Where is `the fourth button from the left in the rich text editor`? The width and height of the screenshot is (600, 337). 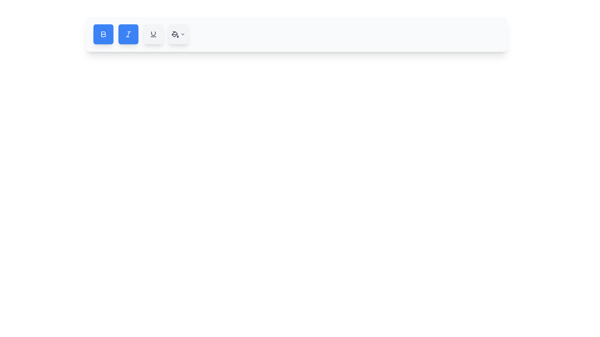
the fourth button from the left in the rich text editor is located at coordinates (153, 34).